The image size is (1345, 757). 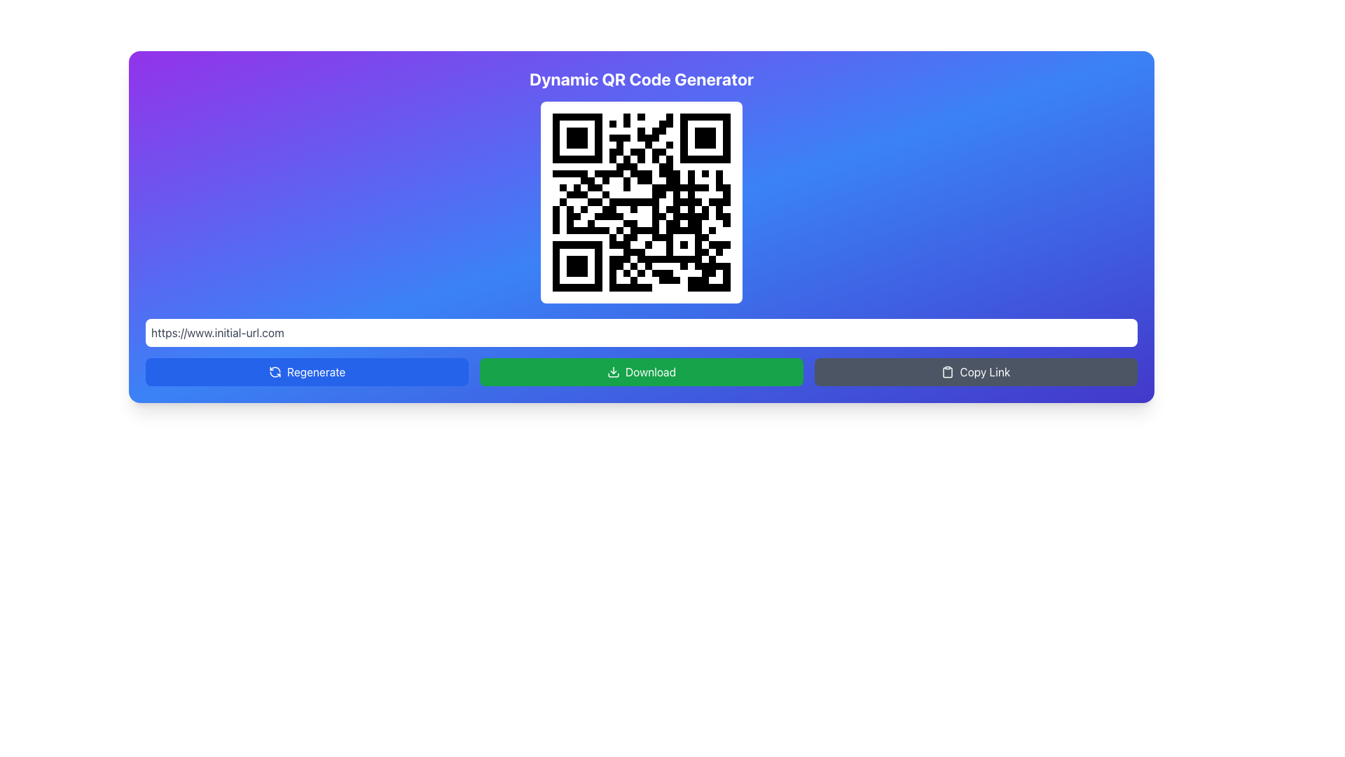 I want to click on the header text 'Dynamic QR Code Generator', which is prominently styled in bold white against a gradient background, positioned at the top of the interface, so click(x=641, y=79).